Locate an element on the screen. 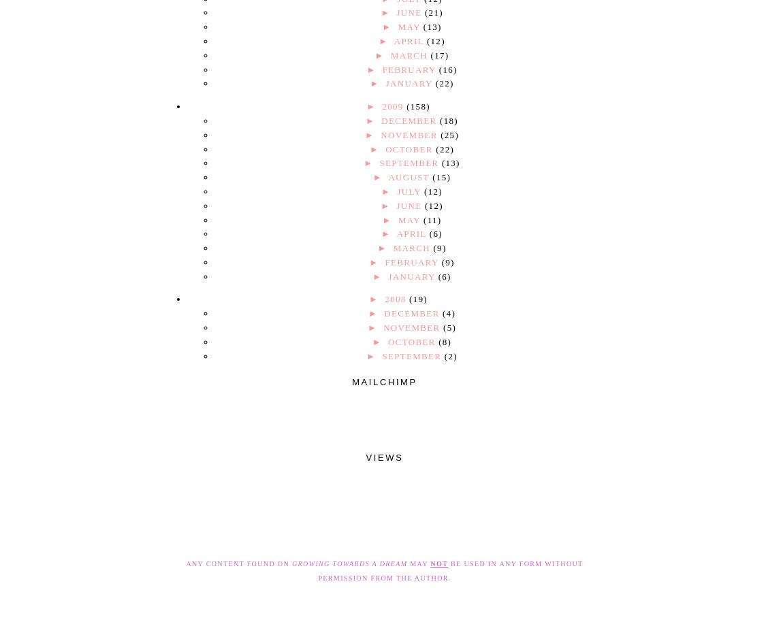  'MailChimp' is located at coordinates (384, 380).